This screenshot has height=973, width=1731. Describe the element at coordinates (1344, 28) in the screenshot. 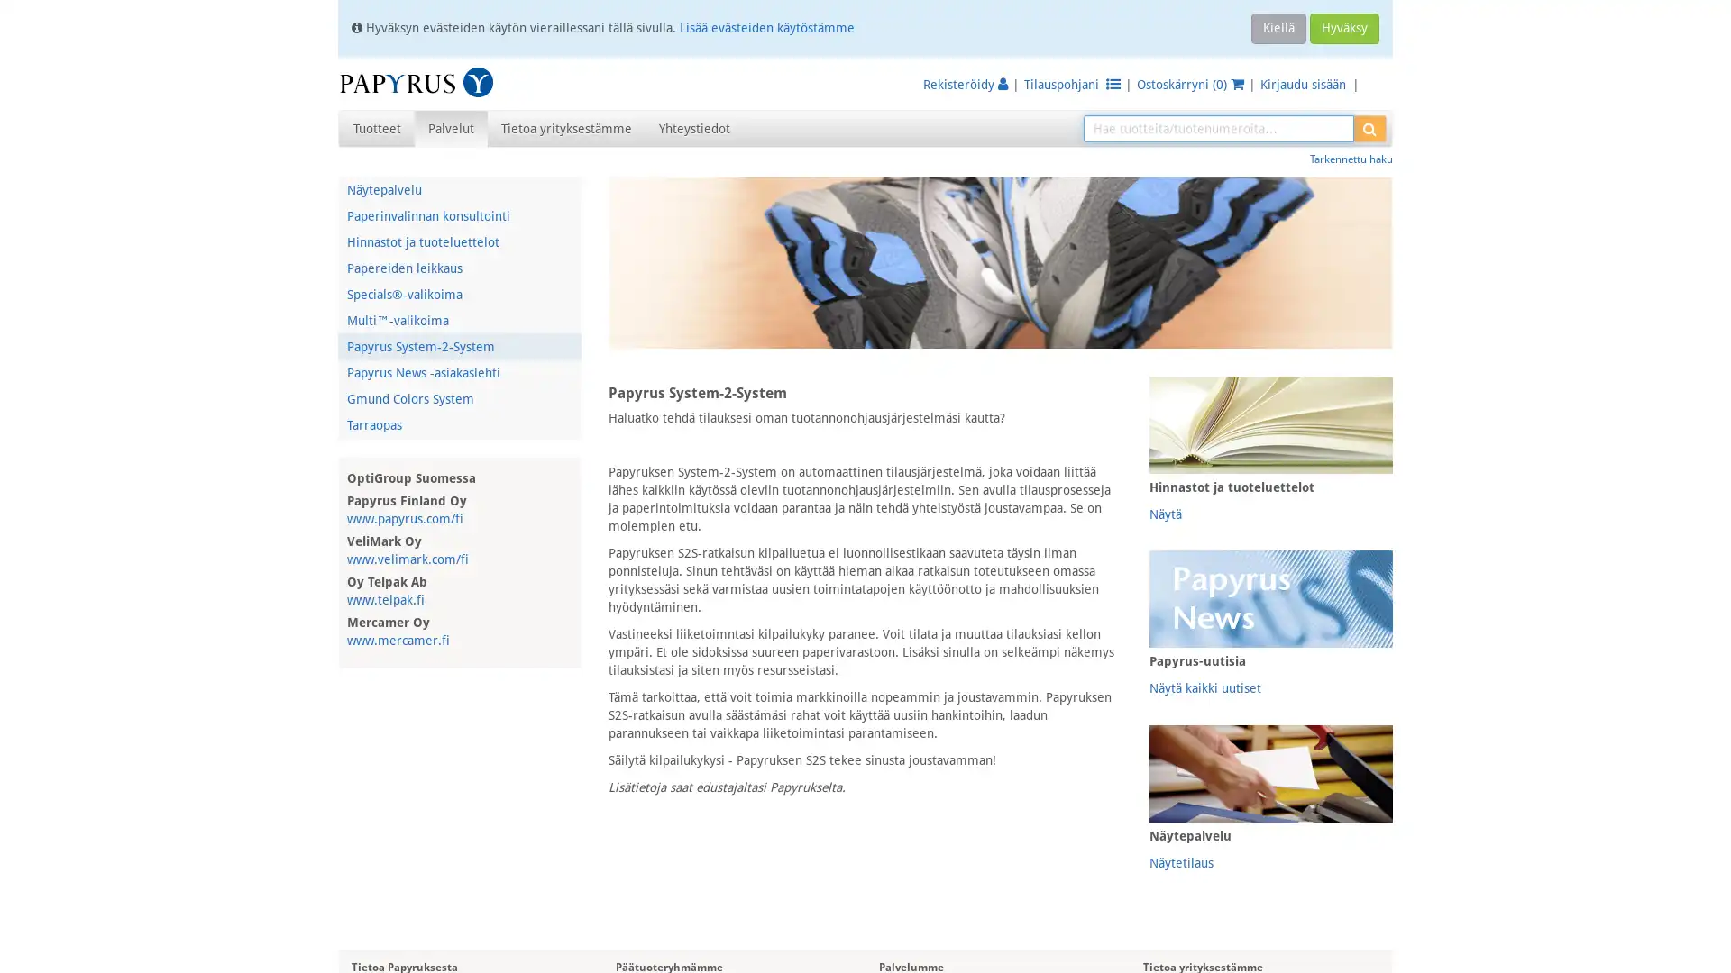

I see `Hyvaksy` at that location.